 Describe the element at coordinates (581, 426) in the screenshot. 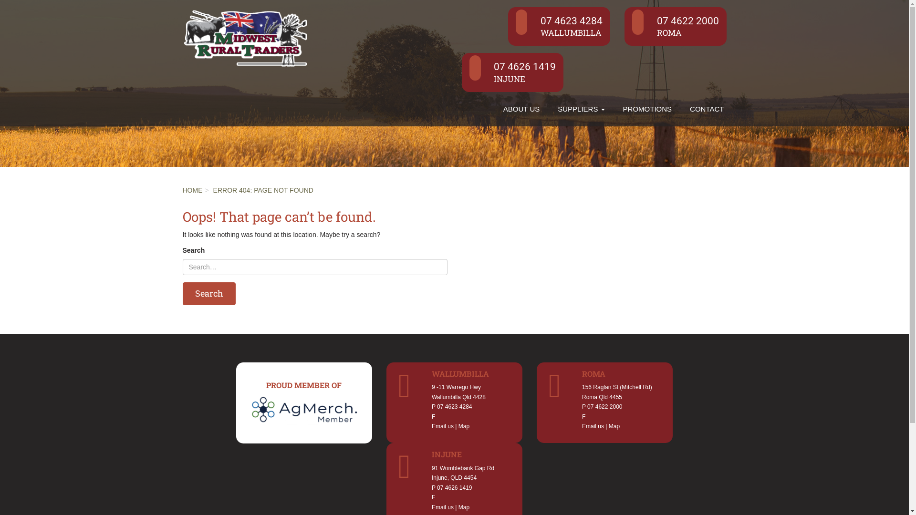

I see `'Email us'` at that location.